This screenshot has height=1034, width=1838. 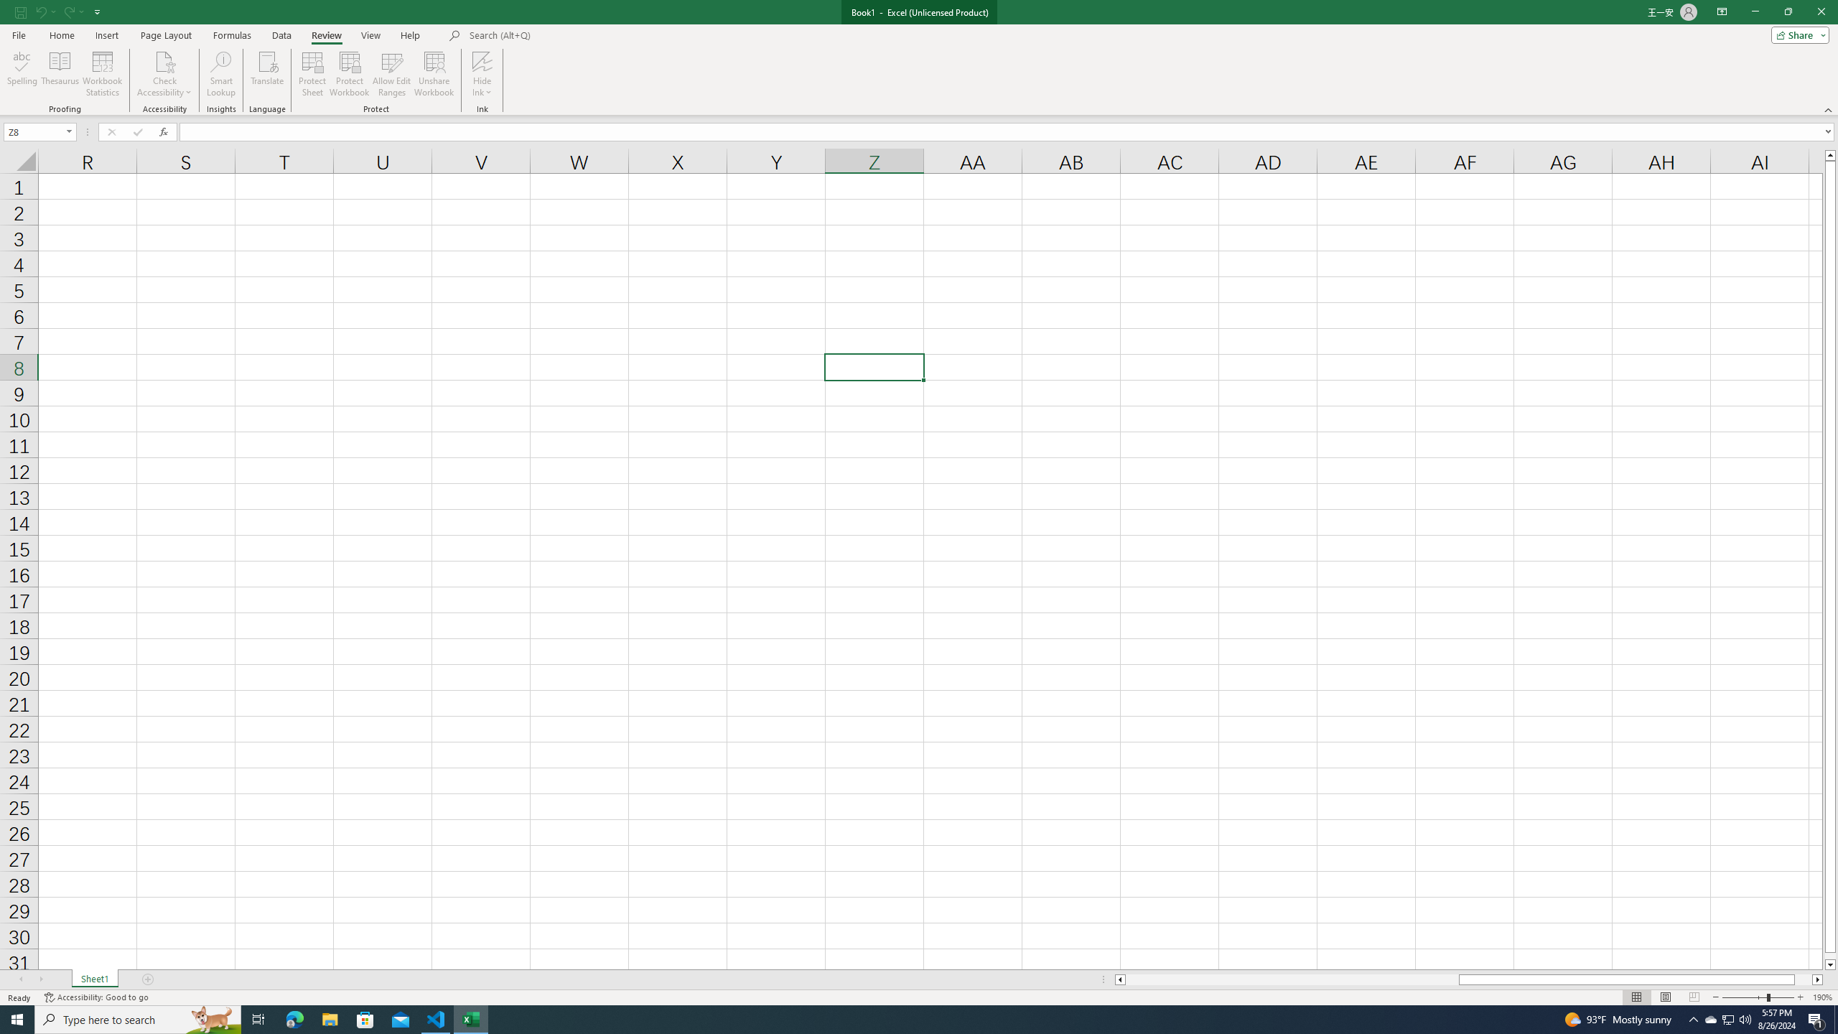 I want to click on 'Save', so click(x=20, y=11).